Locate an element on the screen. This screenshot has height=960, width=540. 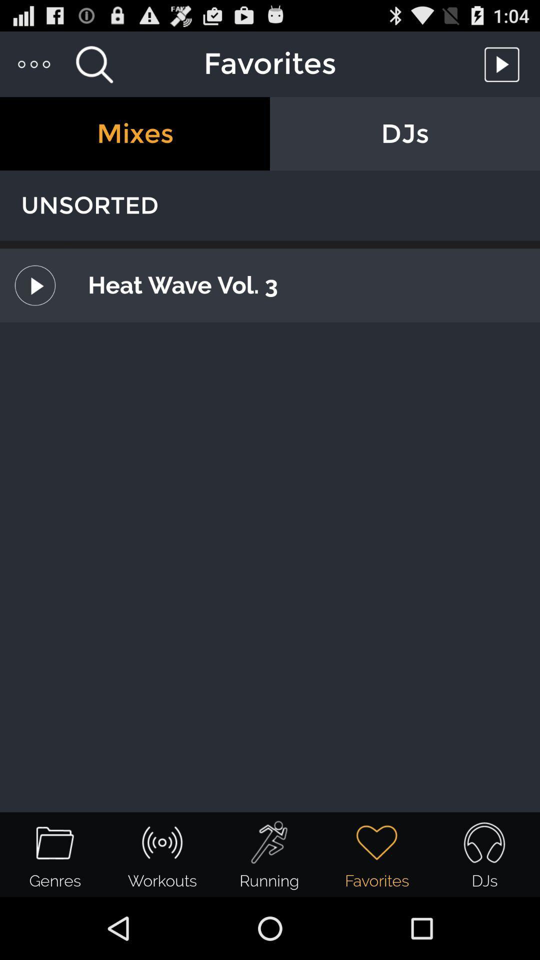
the item below favorites item is located at coordinates (135, 133).